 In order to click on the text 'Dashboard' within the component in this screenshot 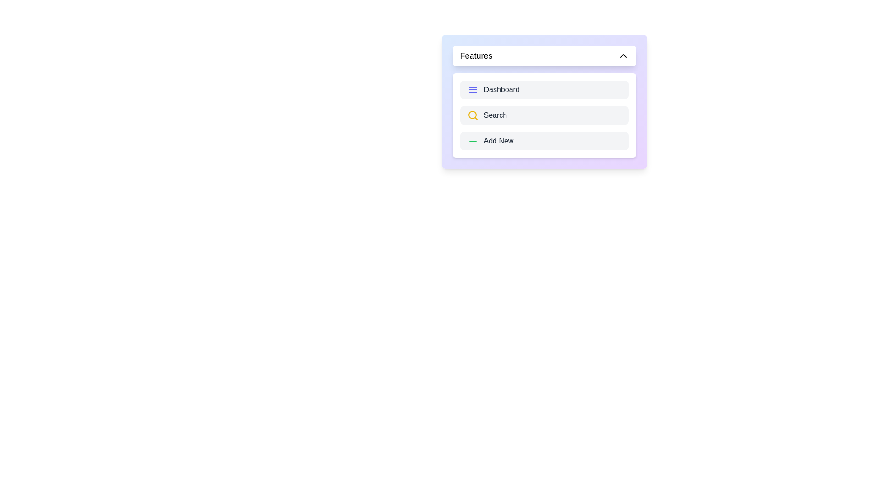, I will do `click(544, 90)`.